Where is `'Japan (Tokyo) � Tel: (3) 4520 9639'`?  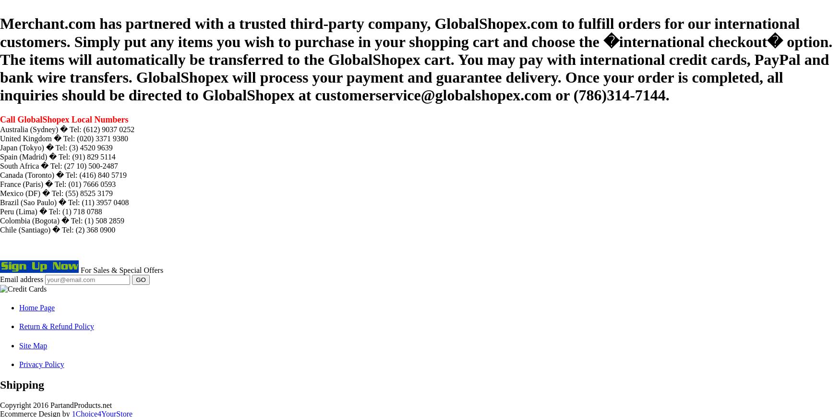
'Japan (Tokyo) � Tel: (3) 4520 9639' is located at coordinates (56, 147).